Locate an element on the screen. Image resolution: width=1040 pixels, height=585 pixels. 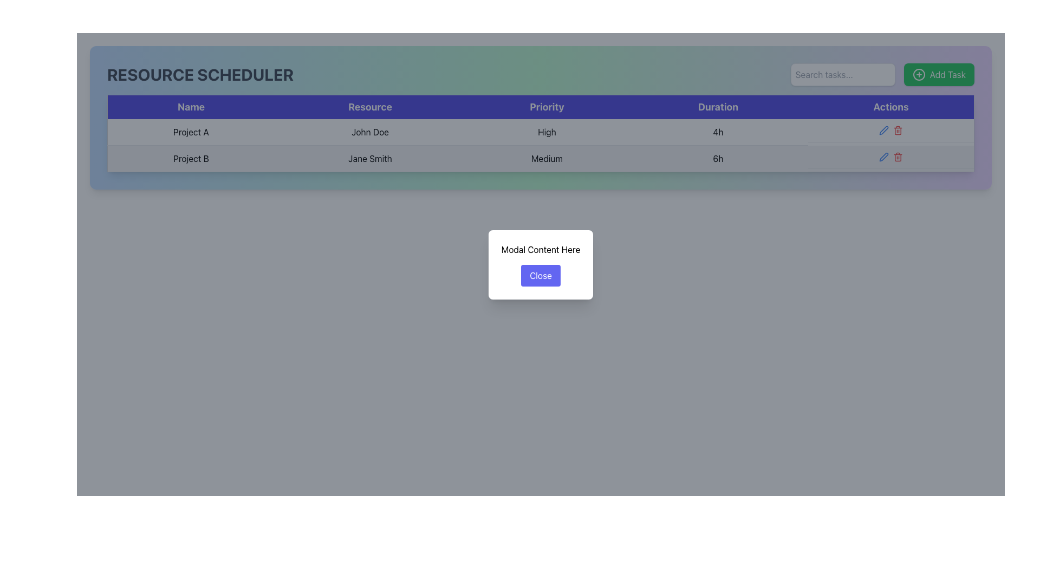
the 'Priority' label, which is a bold white text on a dark blue background, located in the header section of the application is located at coordinates (547, 107).